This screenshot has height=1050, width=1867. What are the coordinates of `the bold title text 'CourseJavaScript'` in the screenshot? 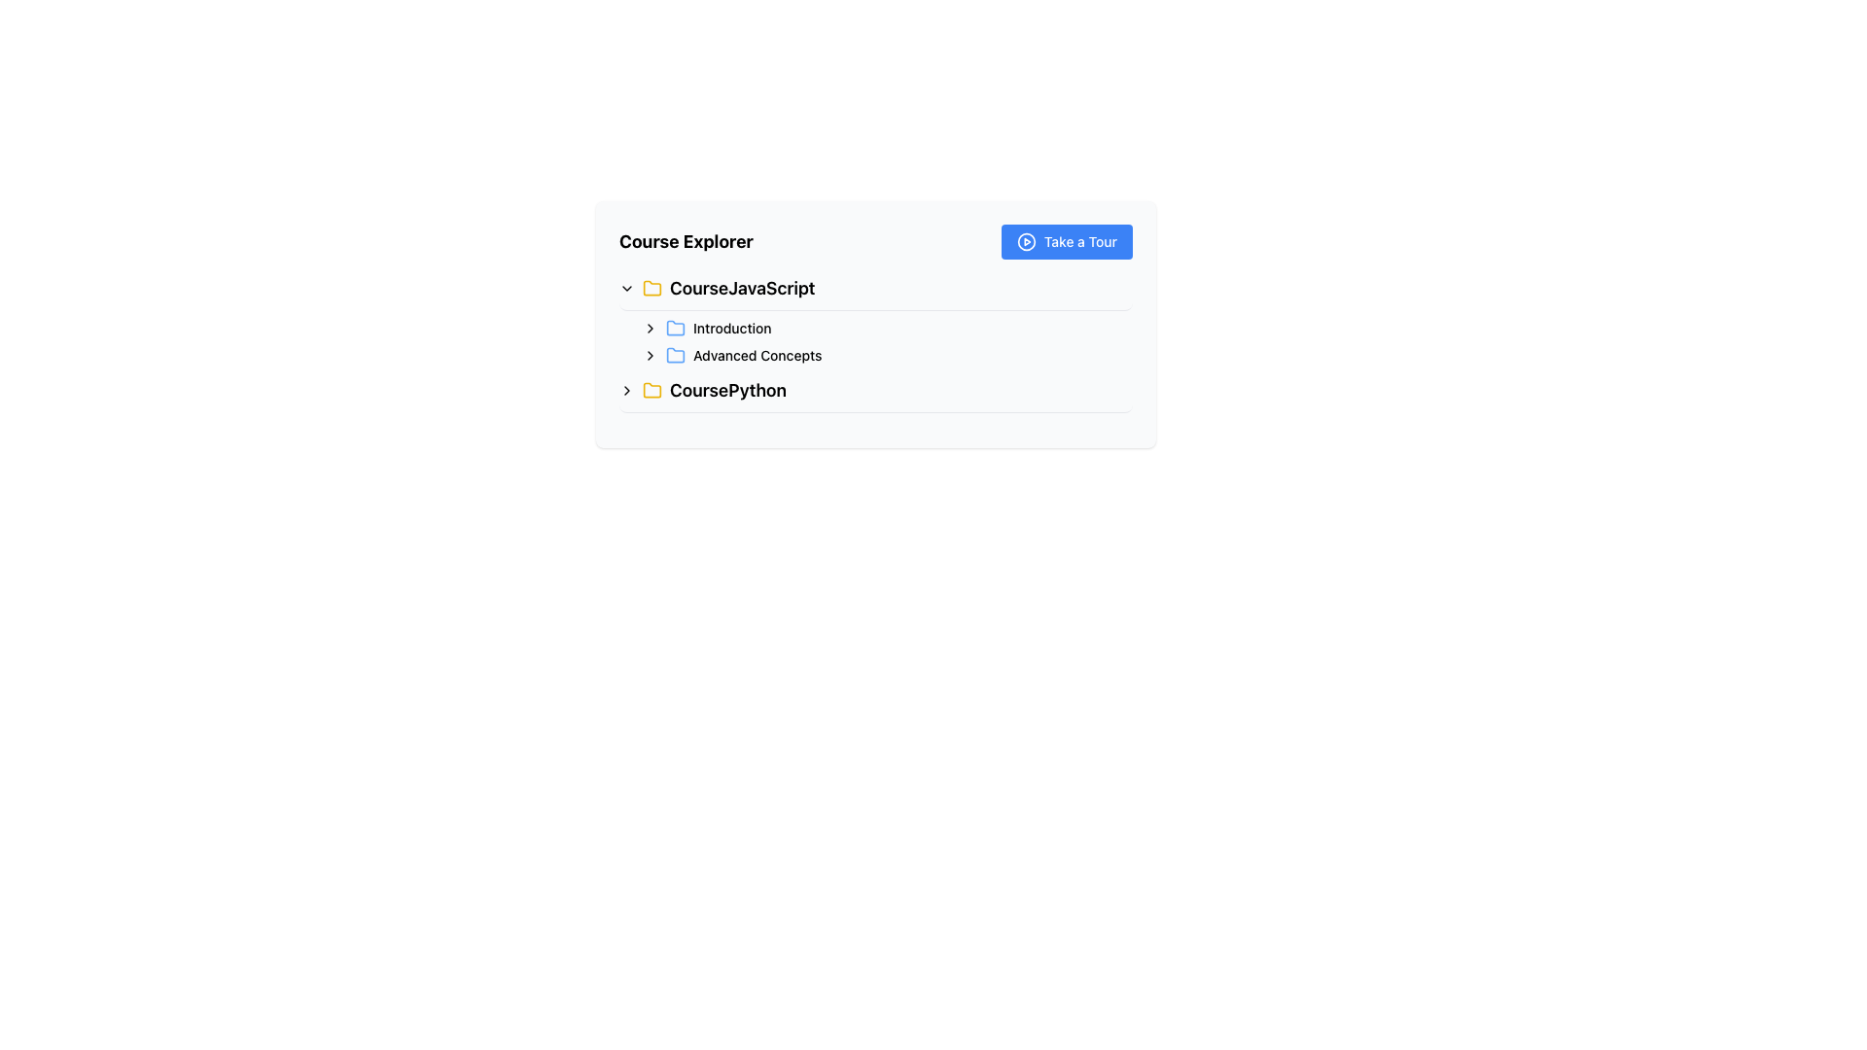 It's located at (741, 289).